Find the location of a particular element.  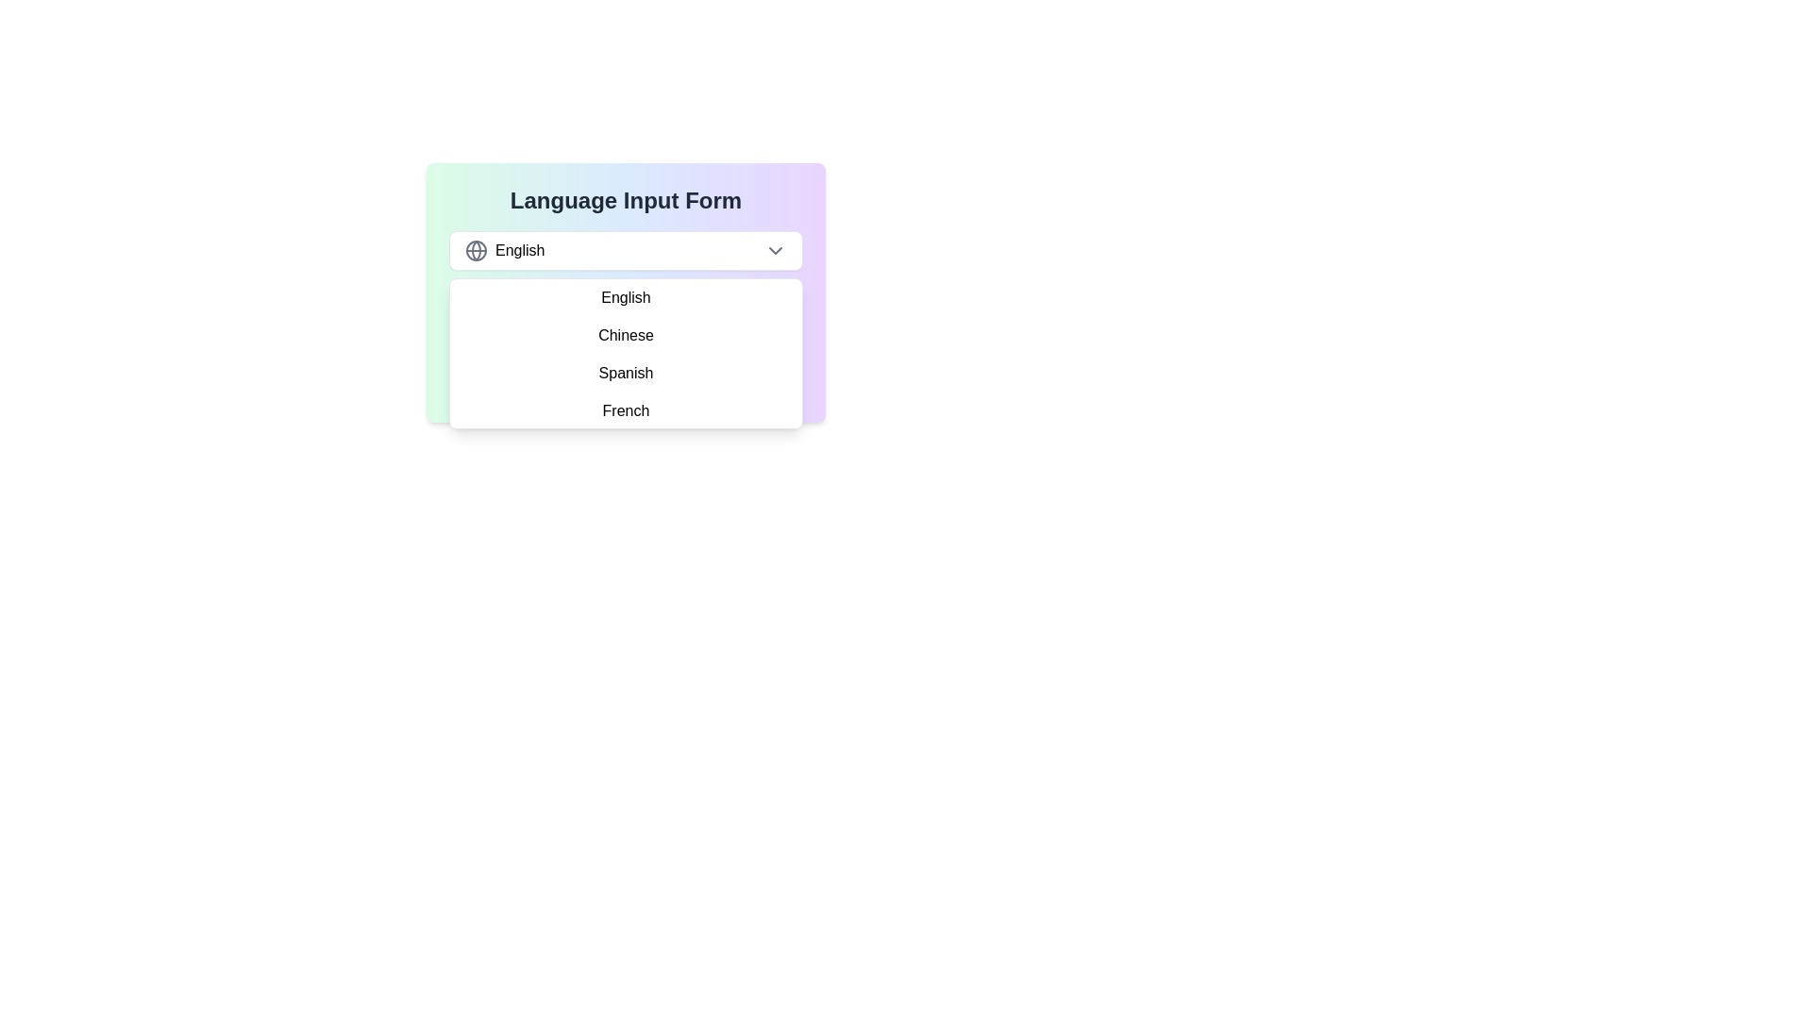

the downwards-facing chevron icon in the dropdown toggler labeled 'English' to visually emphasize it is located at coordinates (775, 250).